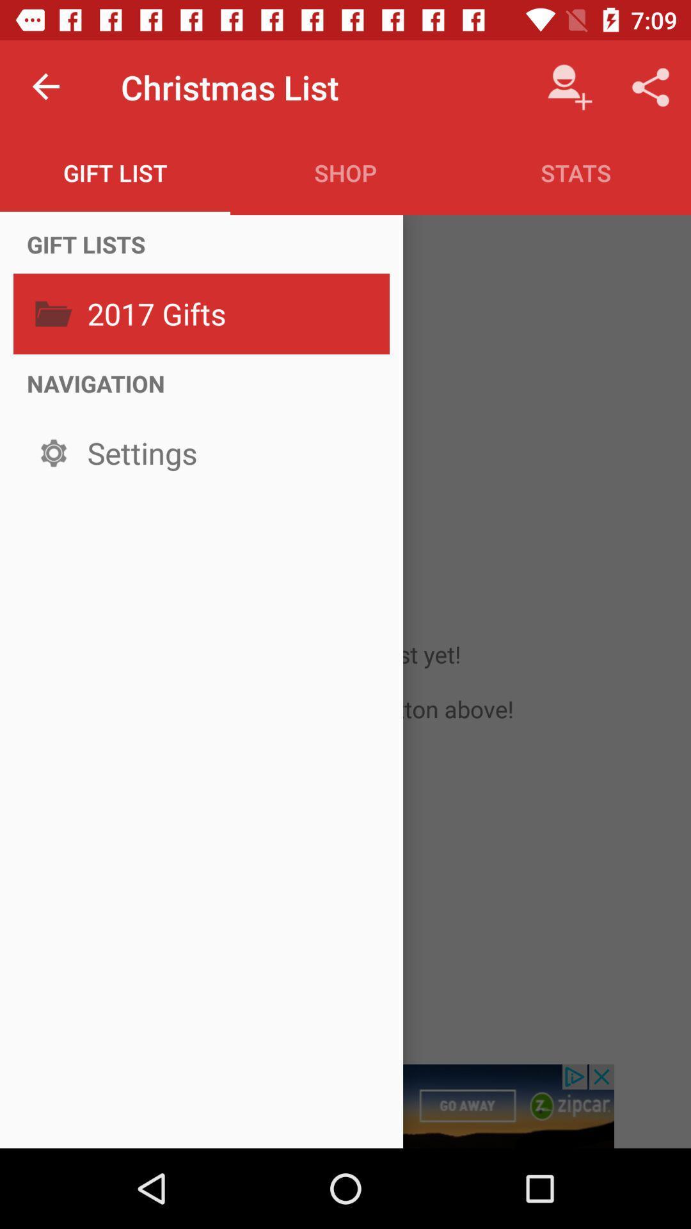 This screenshot has height=1229, width=691. Describe the element at coordinates (575, 172) in the screenshot. I see `the item to the right of the shop icon` at that location.